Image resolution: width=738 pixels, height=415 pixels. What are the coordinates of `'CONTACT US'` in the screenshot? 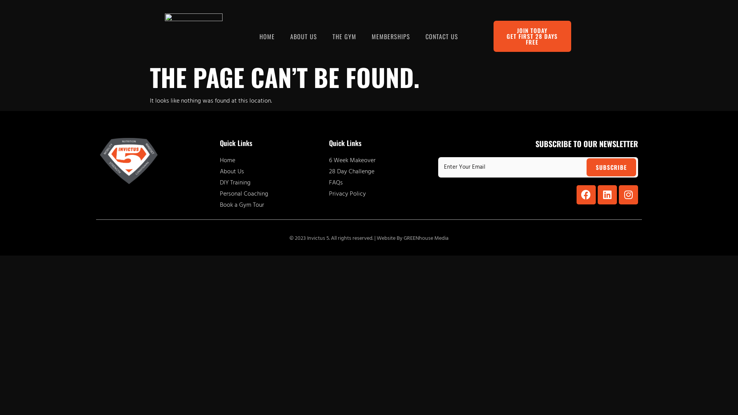 It's located at (442, 37).